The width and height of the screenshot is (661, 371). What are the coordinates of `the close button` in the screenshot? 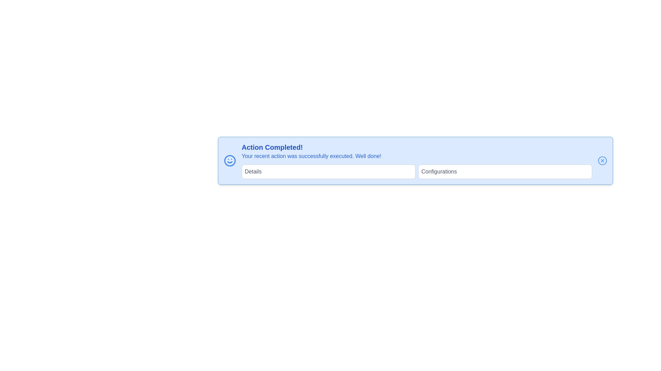 It's located at (602, 160).